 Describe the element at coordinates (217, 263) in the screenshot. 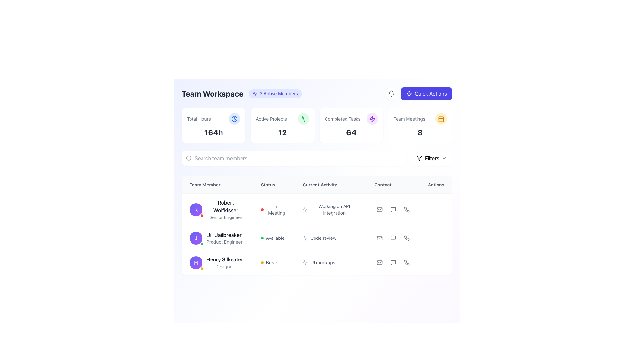

I see `the Profile Display Item that presents the information of the team member located in the third row of the team members table under the 'Team Member' header` at that location.